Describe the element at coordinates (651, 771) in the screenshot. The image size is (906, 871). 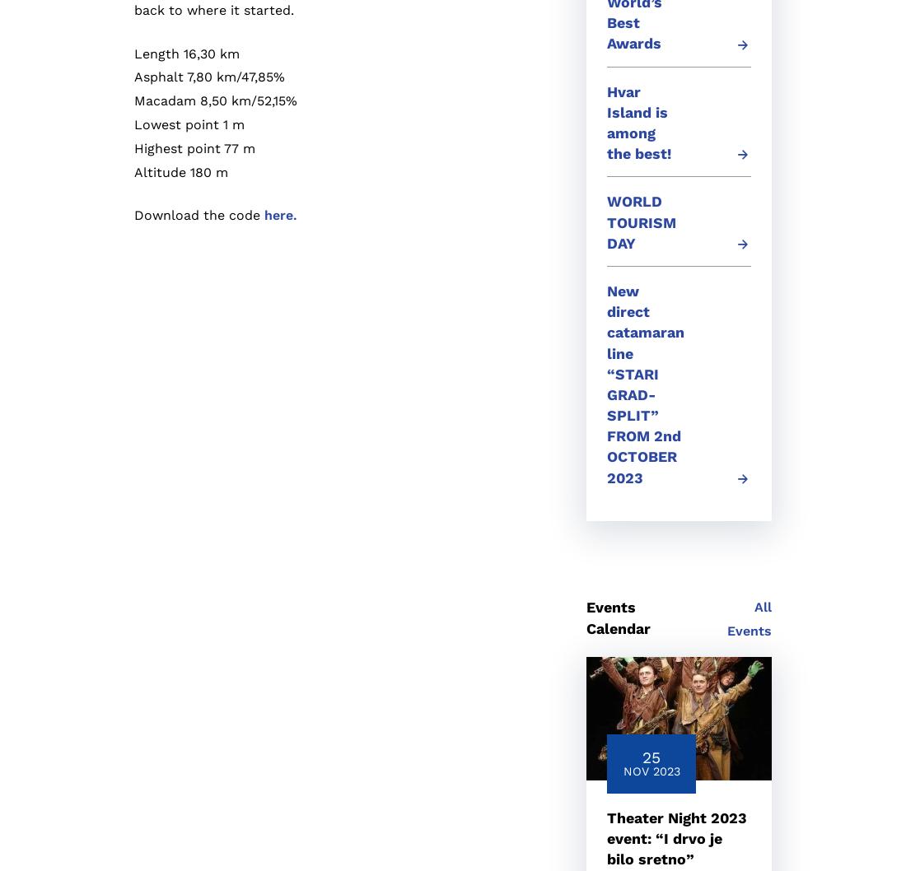
I see `'Nov 2023'` at that location.